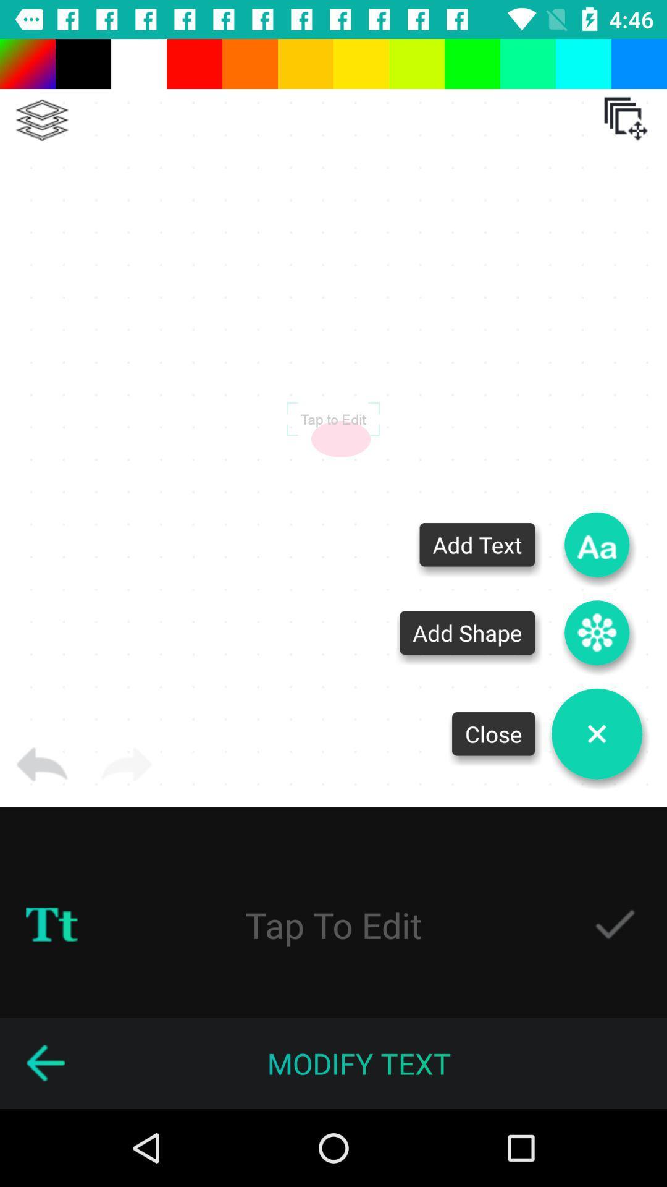 The width and height of the screenshot is (667, 1187). What do you see at coordinates (333, 924) in the screenshot?
I see `text edit` at bounding box center [333, 924].